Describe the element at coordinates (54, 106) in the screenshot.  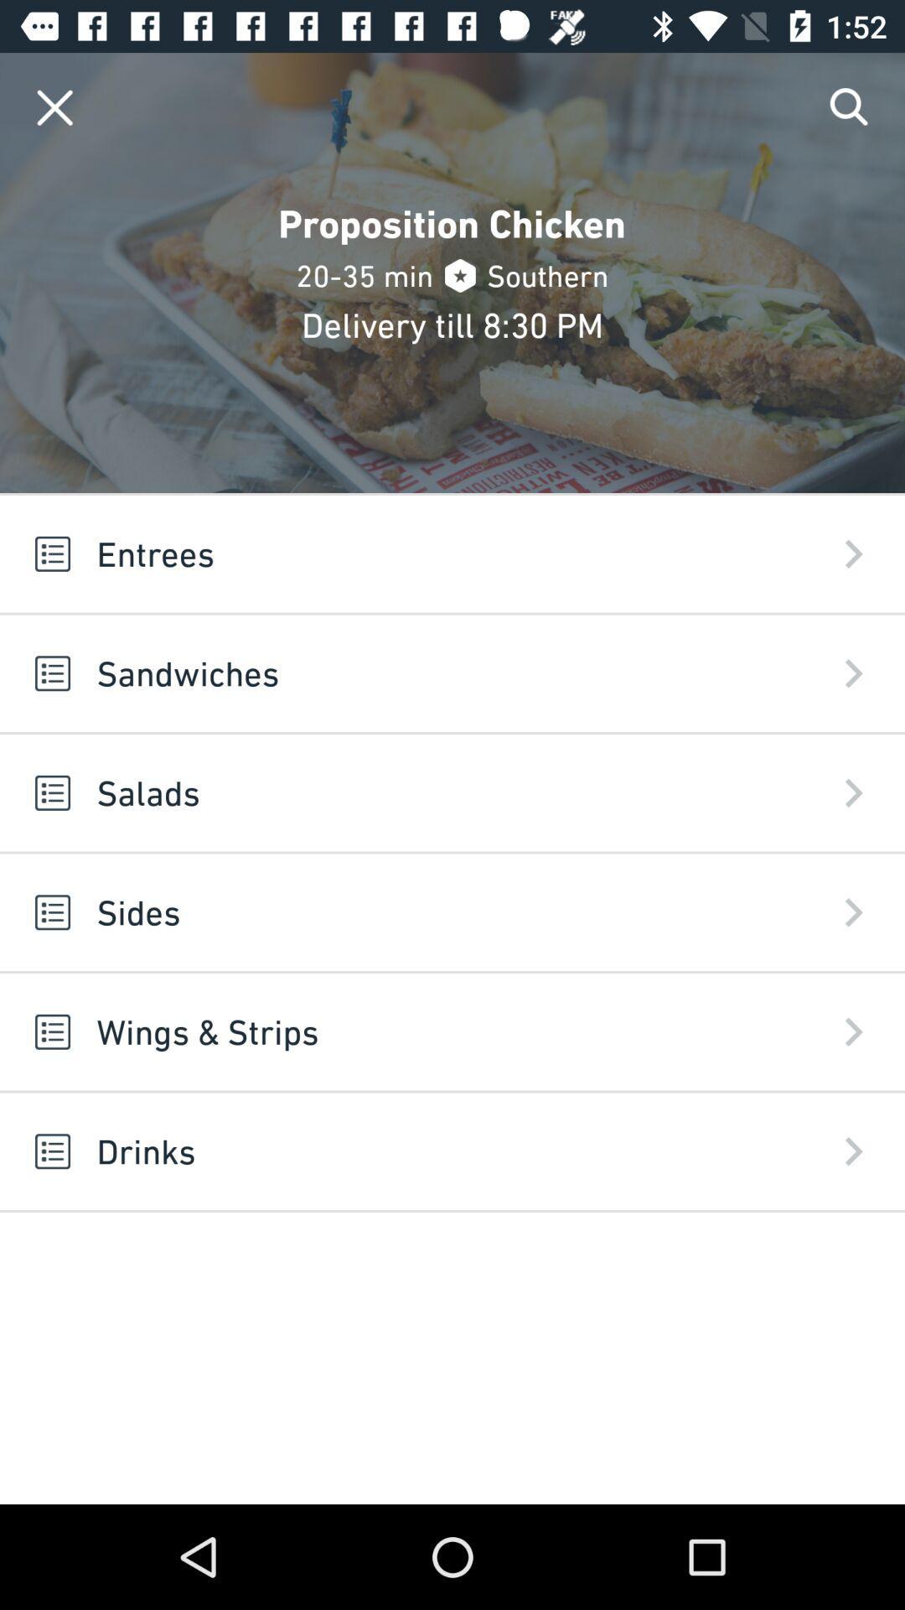
I see `window` at that location.